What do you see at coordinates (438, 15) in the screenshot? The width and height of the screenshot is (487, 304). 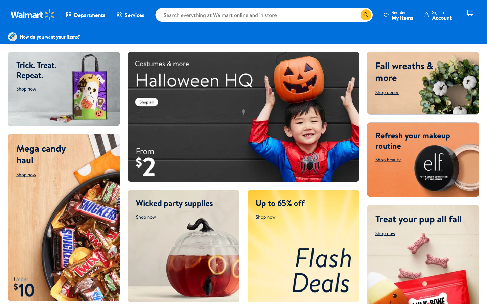 I see `your account"s interface` at bounding box center [438, 15].